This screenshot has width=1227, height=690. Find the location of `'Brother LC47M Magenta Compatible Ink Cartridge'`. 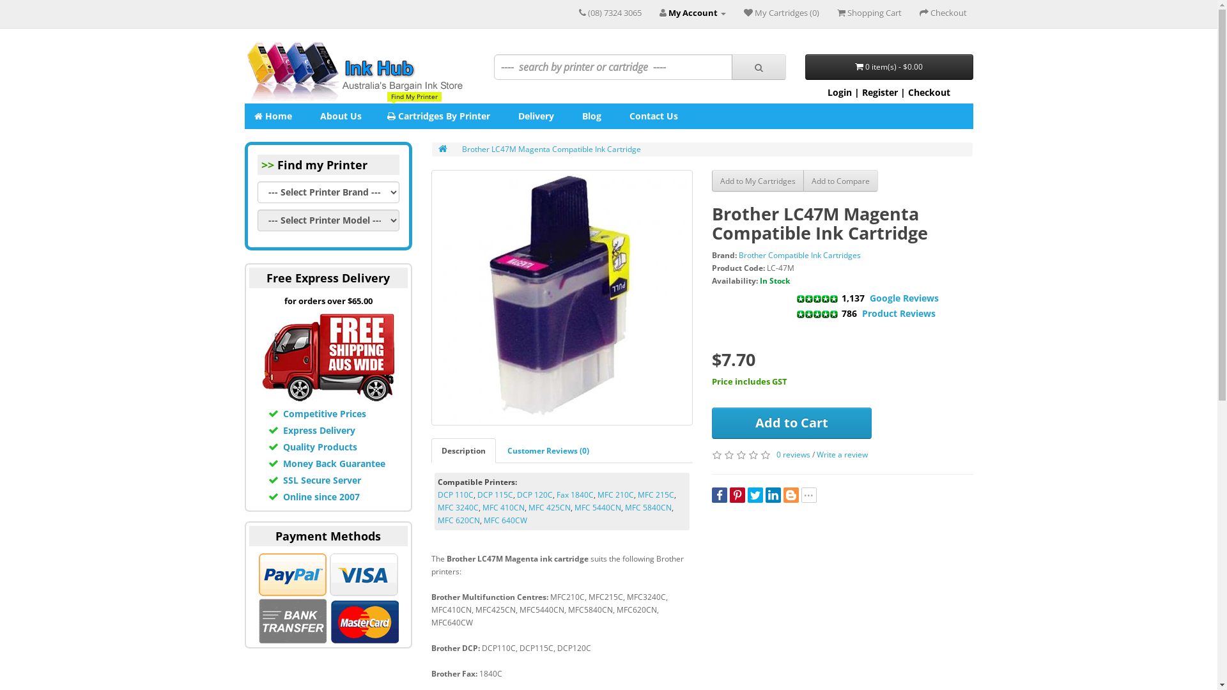

'Brother LC47M Magenta Compatible Ink Cartridge' is located at coordinates (461, 148).